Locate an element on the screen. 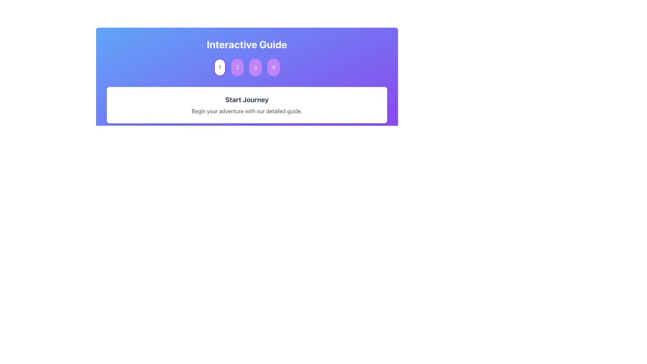 This screenshot has height=364, width=647. the descriptive text label located below the 'Start Journey' heading within the white, rounded rectangular box is located at coordinates (247, 111).